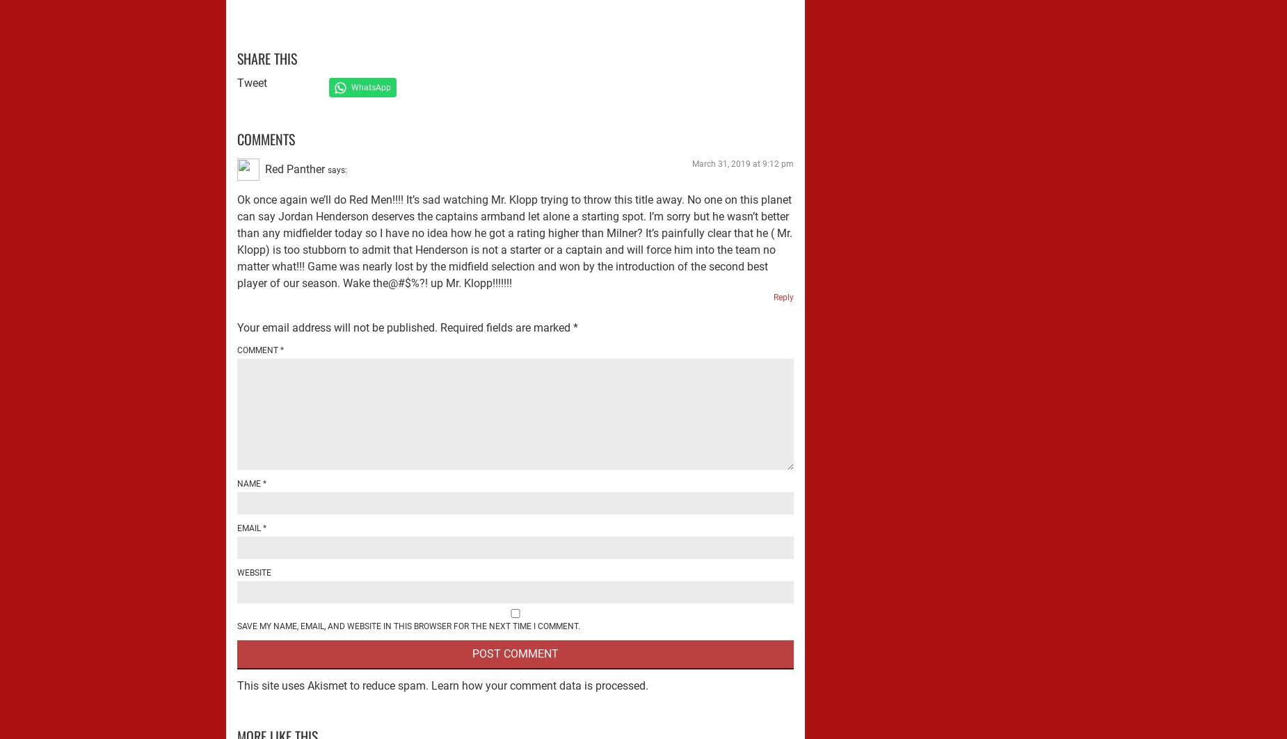 The image size is (1287, 739). Describe the element at coordinates (249, 482) in the screenshot. I see `'Name'` at that location.